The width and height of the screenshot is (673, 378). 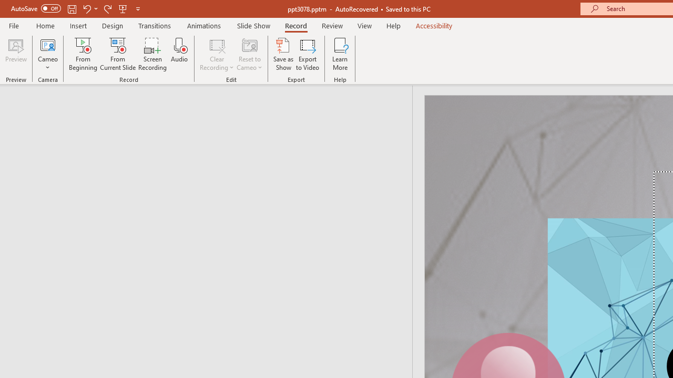 I want to click on 'Save as Show', so click(x=283, y=54).